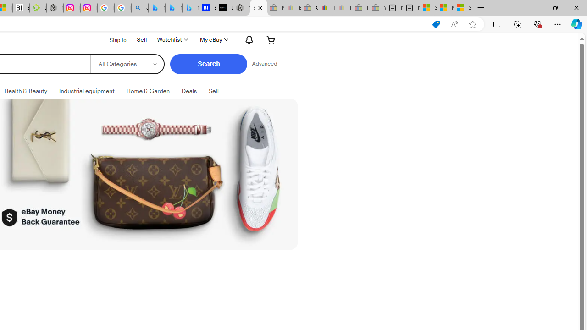 The image size is (587, 330). Describe the element at coordinates (172, 39) in the screenshot. I see `'WatchlistExpand Watch List'` at that location.